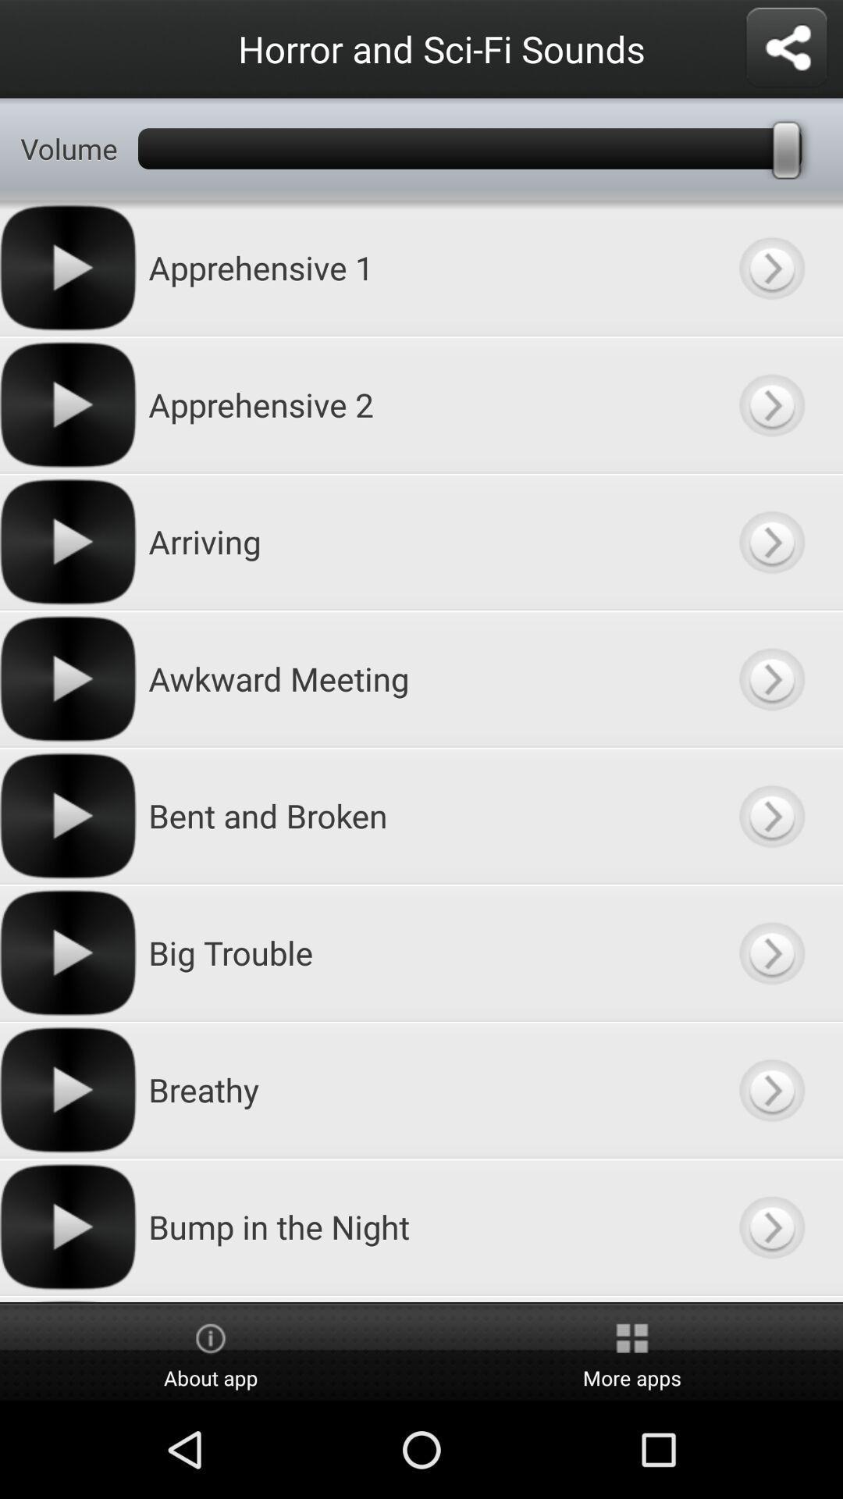 This screenshot has width=843, height=1499. I want to click on click on breathy, so click(770, 1089).